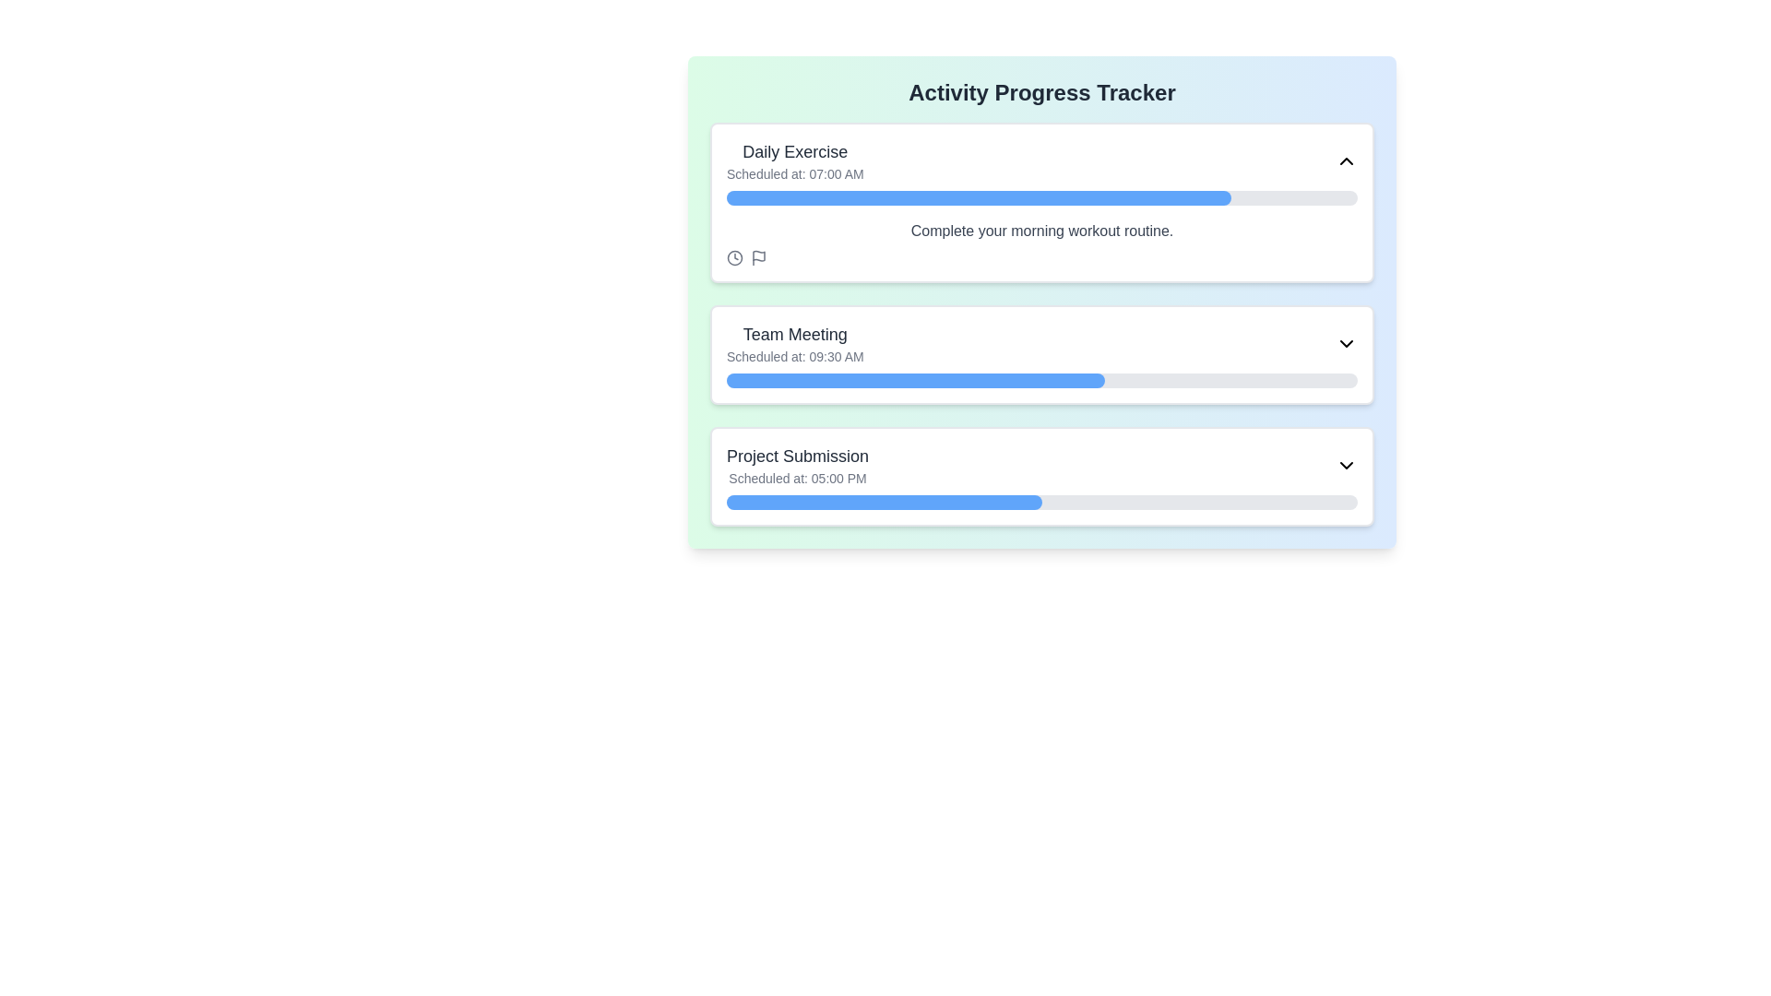 The width and height of the screenshot is (1771, 996). Describe the element at coordinates (1041, 92) in the screenshot. I see `the header text label that reads 'Activity Progress Tracker', which is styled in bold and extra-large text and is positioned centrally at the top of the card` at that location.